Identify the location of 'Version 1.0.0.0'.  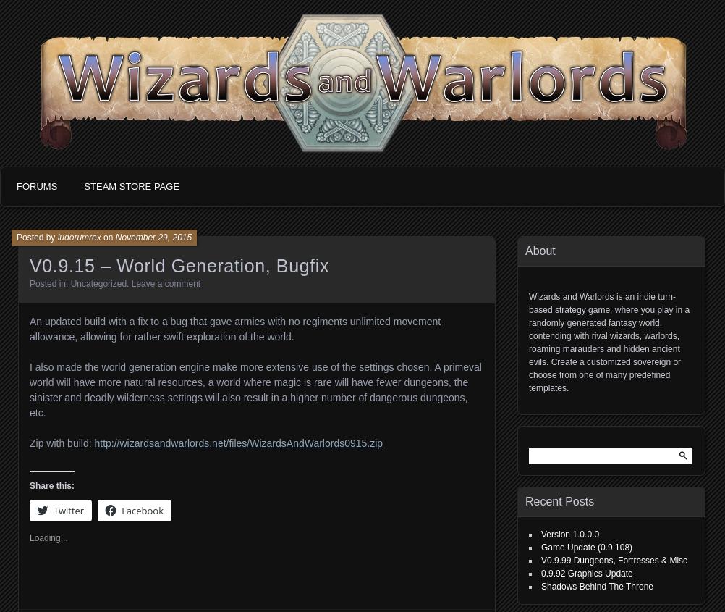
(569, 534).